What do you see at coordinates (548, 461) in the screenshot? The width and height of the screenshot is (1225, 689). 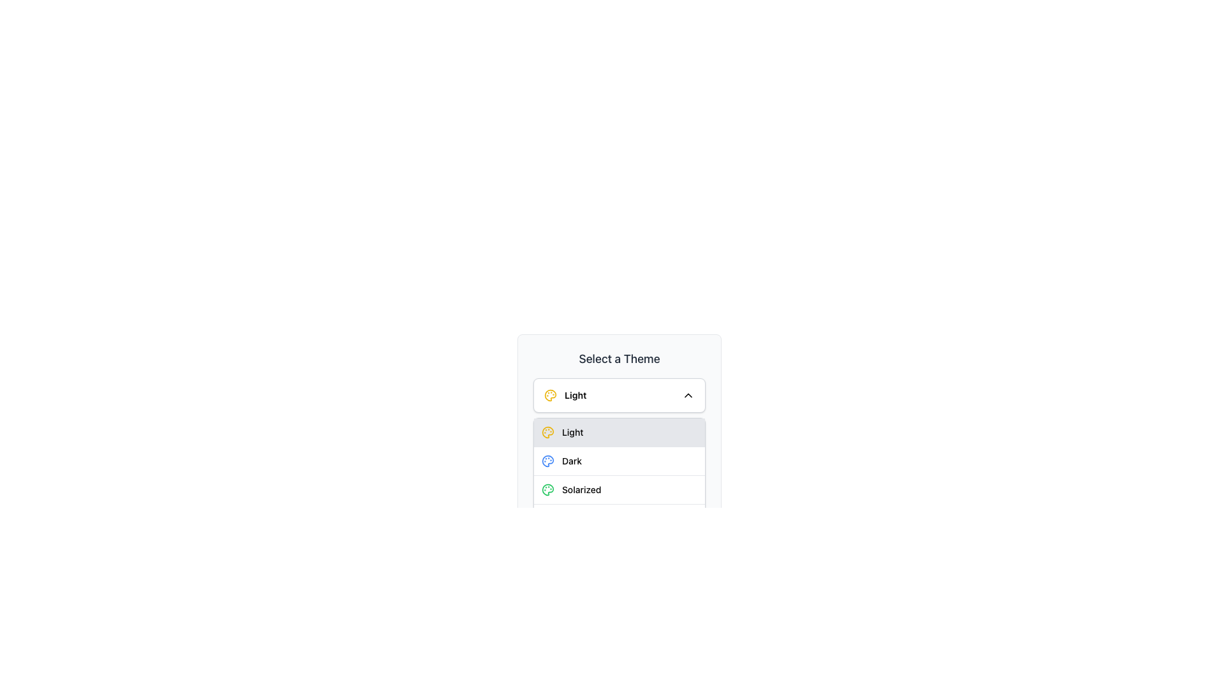 I see `the 'Dark' theme icon in the theme selection menu, which is positioned to the left of the 'Dark' text` at bounding box center [548, 461].